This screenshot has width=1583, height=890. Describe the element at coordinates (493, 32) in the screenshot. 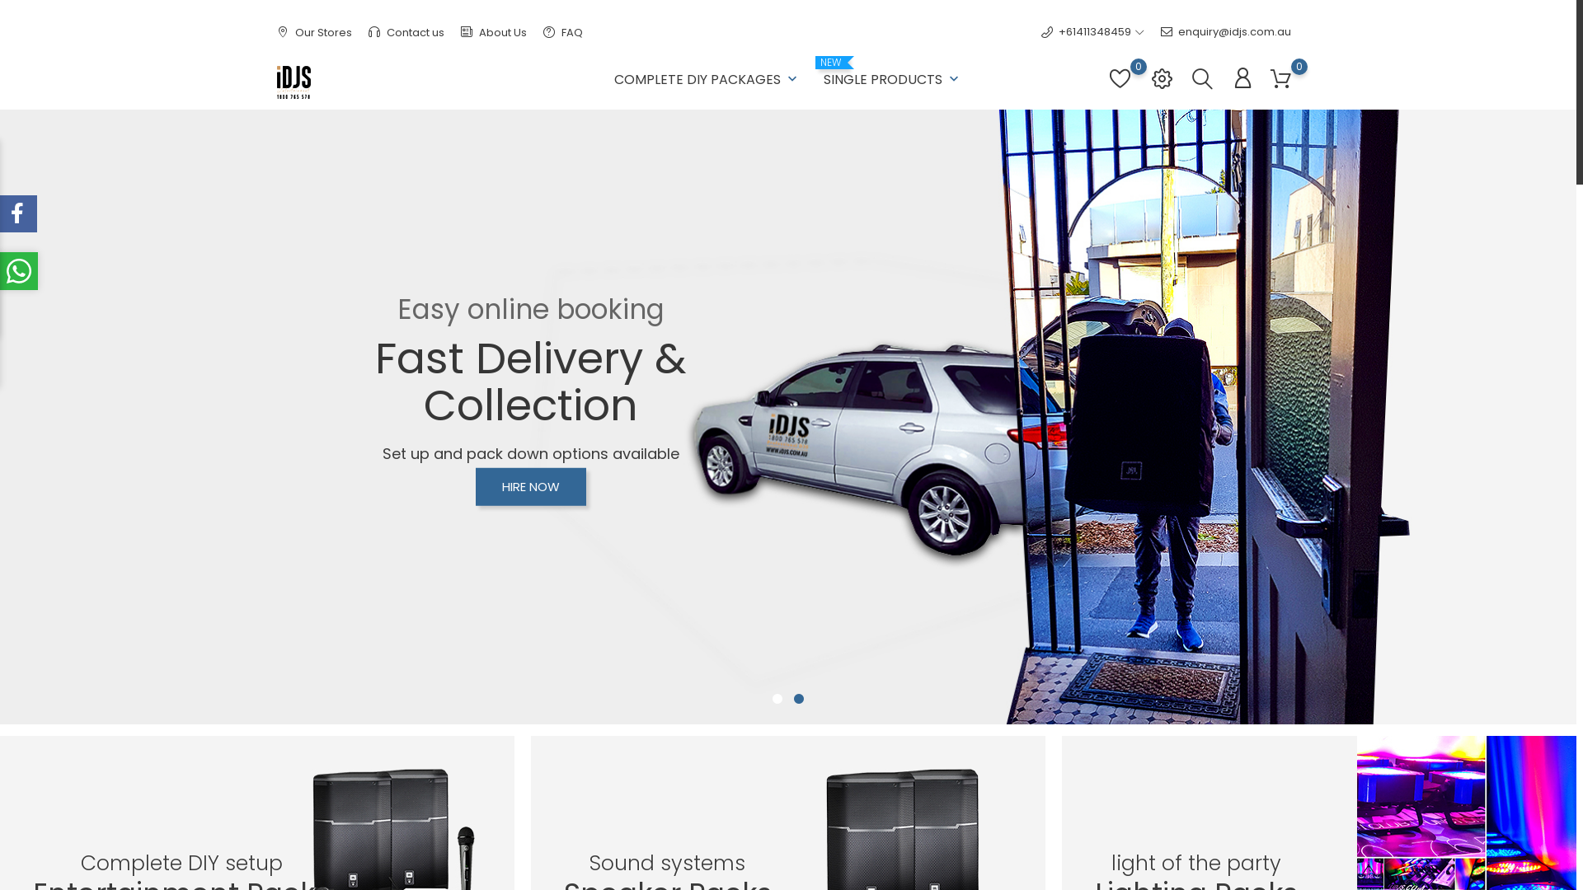

I see `'About Us'` at that location.